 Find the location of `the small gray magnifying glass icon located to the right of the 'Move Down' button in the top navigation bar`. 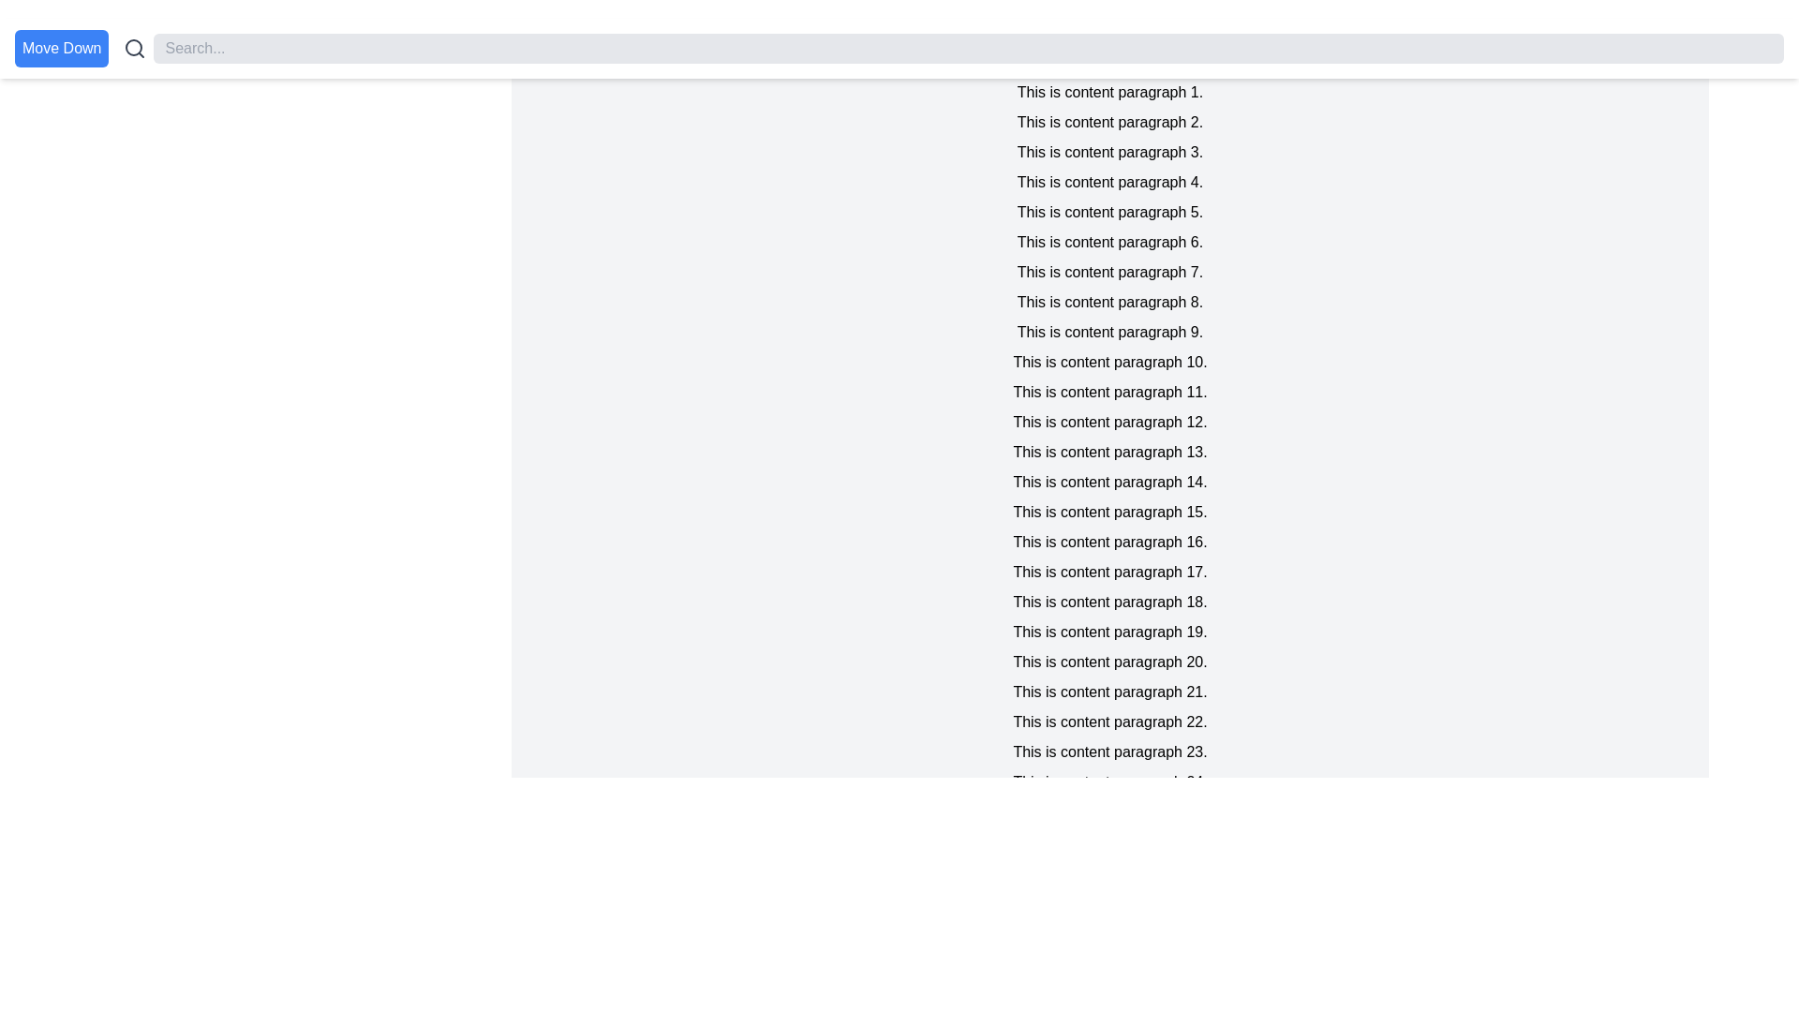

the small gray magnifying glass icon located to the right of the 'Move Down' button in the top navigation bar is located at coordinates (134, 47).